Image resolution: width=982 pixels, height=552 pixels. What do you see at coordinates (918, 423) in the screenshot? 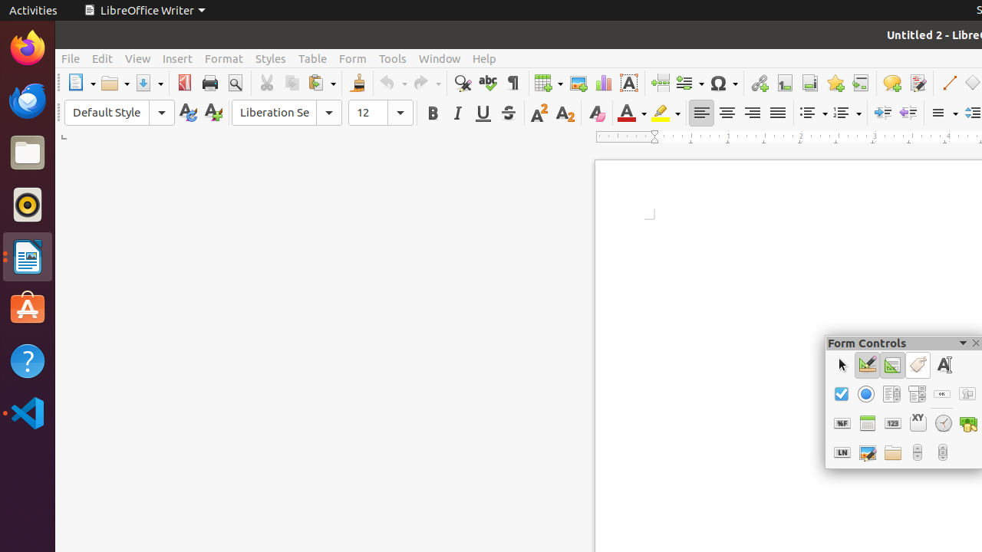
I see `'Group Box'` at bounding box center [918, 423].